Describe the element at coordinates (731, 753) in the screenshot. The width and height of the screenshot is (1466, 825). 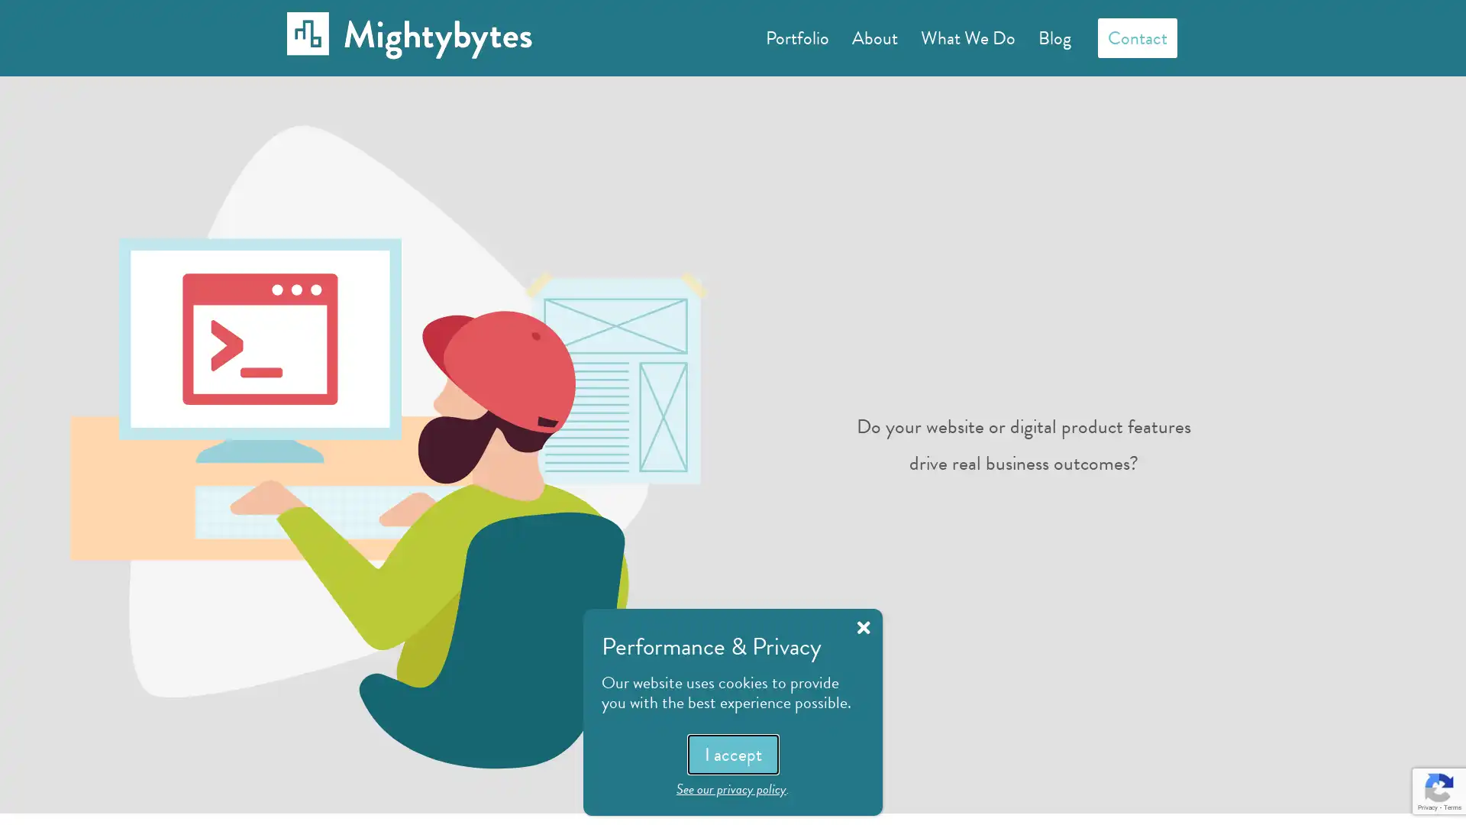
I see `I accept` at that location.